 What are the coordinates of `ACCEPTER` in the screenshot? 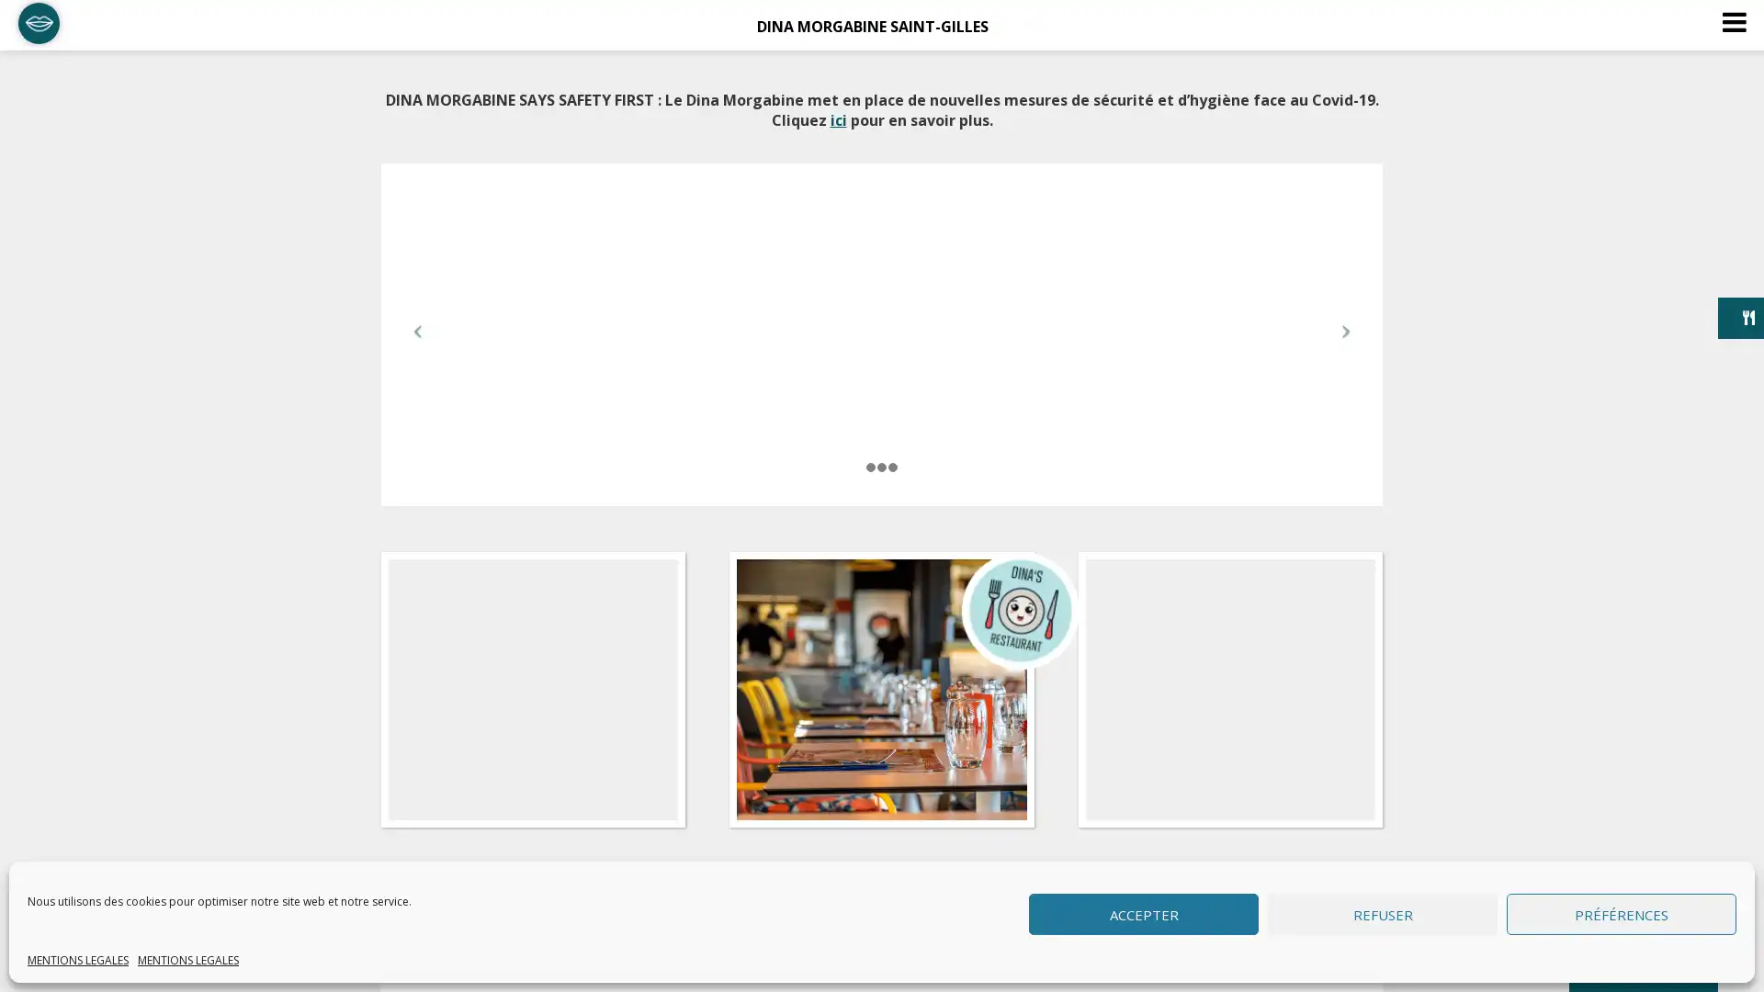 It's located at (1142, 914).